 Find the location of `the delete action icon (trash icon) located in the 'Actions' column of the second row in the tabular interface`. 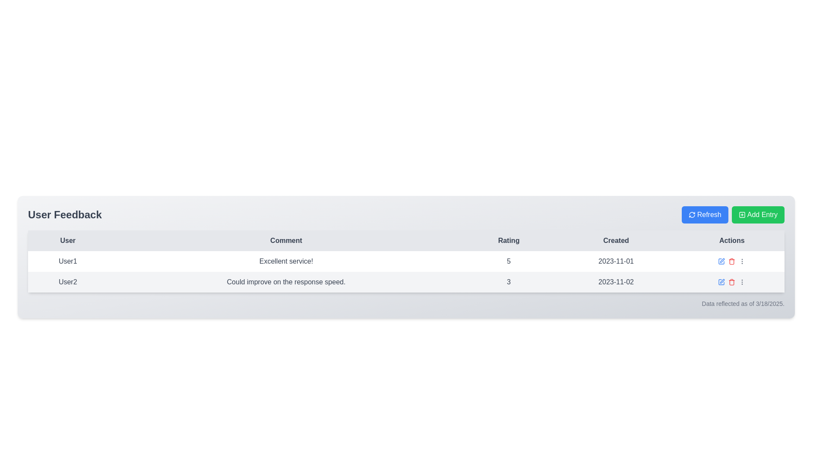

the delete action icon (trash icon) located in the 'Actions' column of the second row in the tabular interface is located at coordinates (731, 282).